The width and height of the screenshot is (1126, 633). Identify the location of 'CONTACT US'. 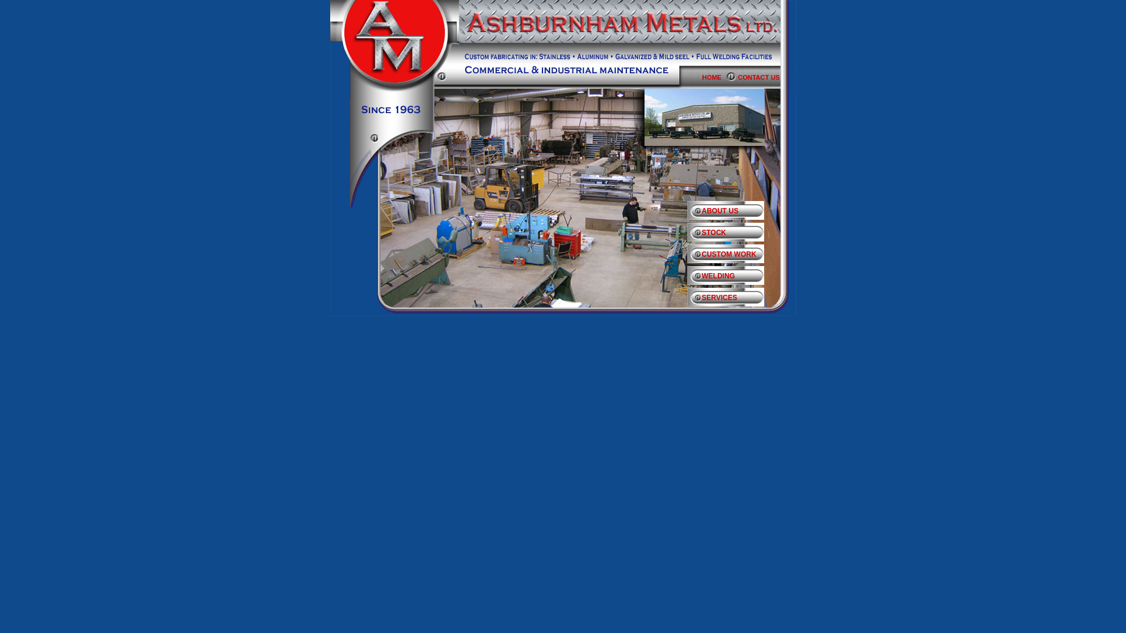
(737, 77).